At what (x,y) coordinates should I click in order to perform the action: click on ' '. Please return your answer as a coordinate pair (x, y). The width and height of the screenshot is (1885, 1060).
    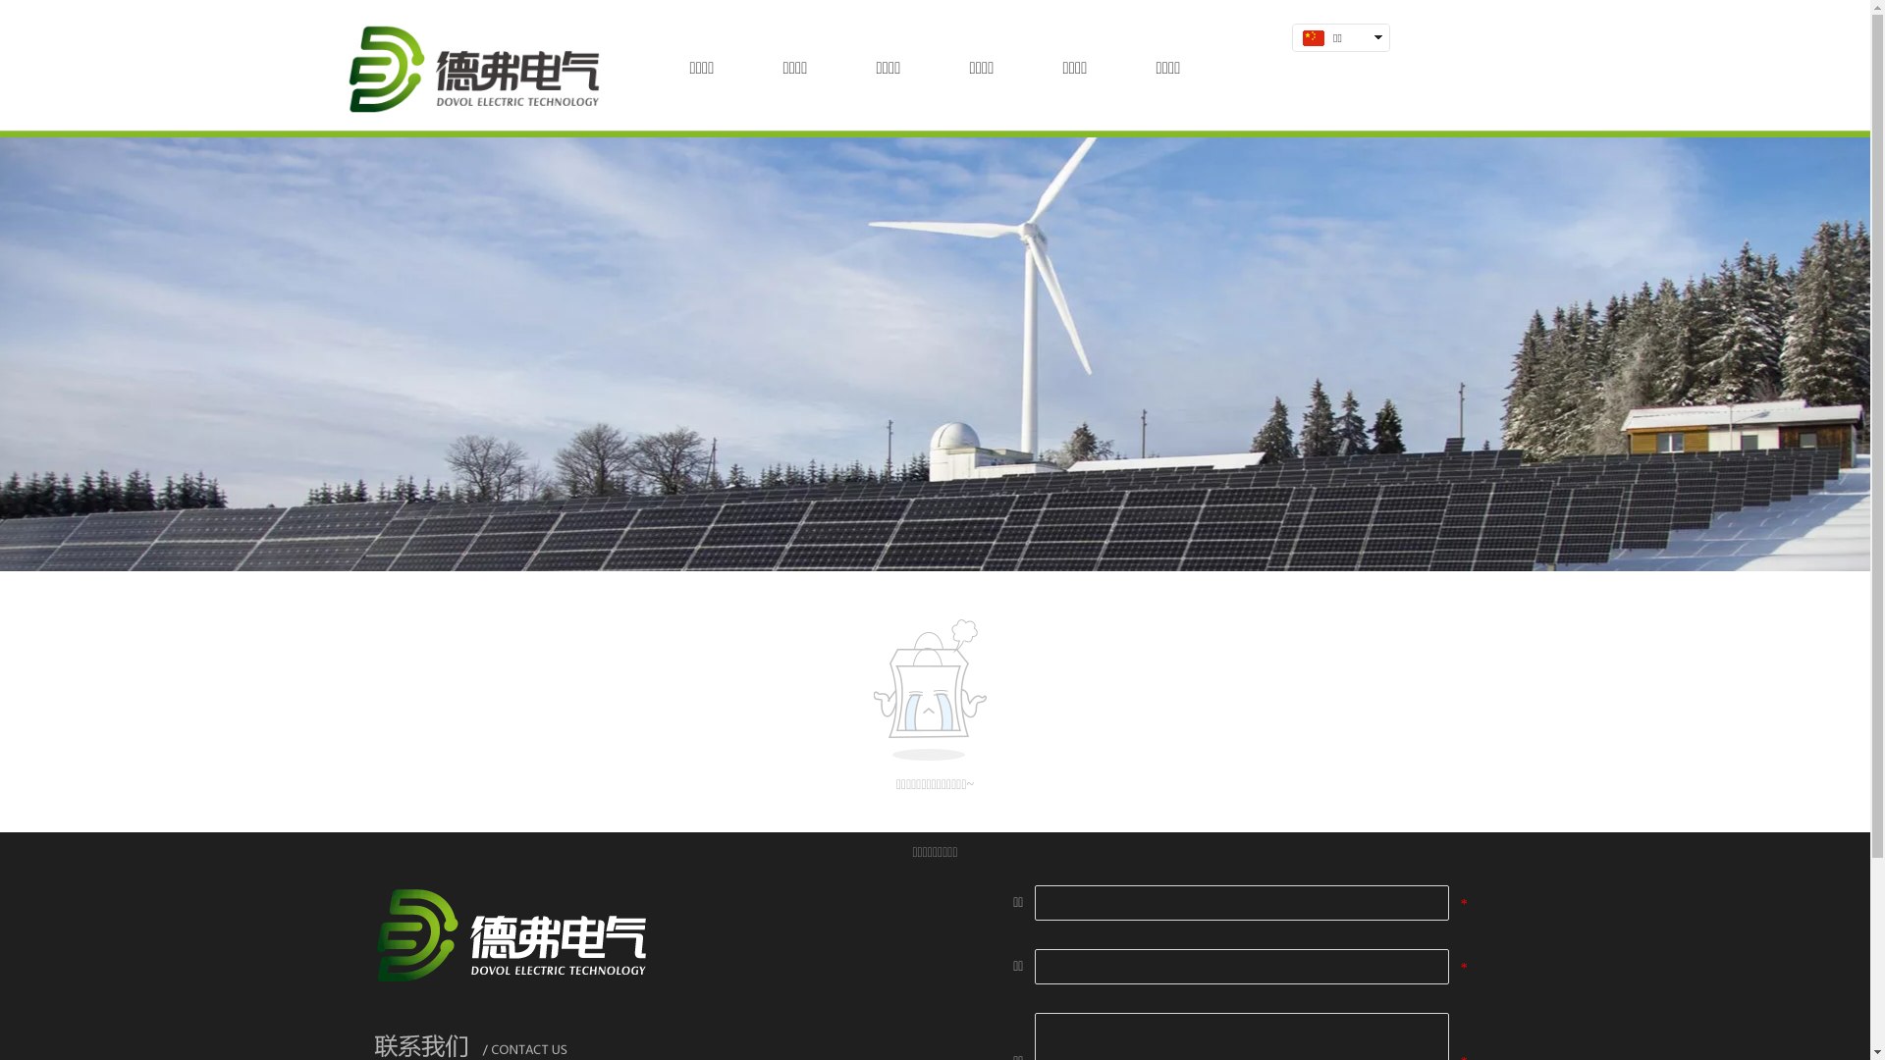
    Looking at the image, I should click on (1334, 63).